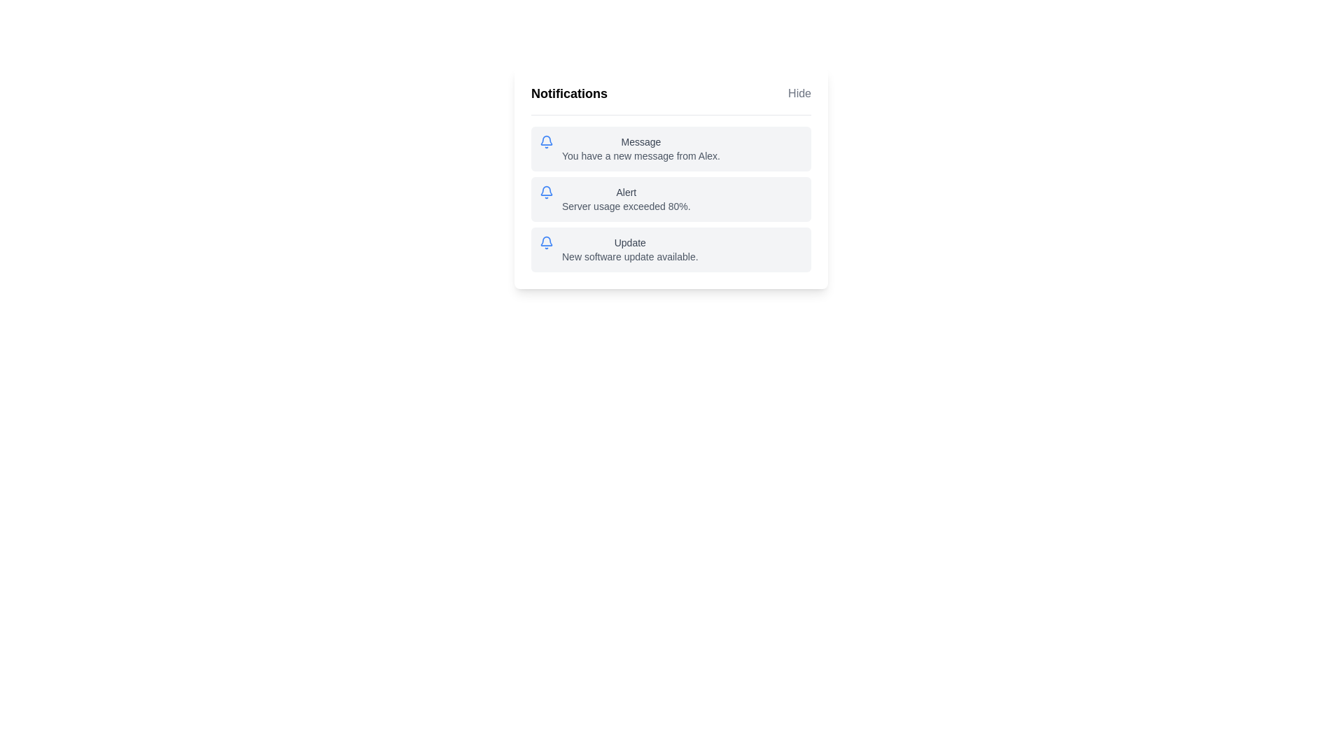 The image size is (1344, 756). I want to click on the text element styled in medium-sized bold gray font displaying 'Alert' located in the second notification message of the 'Notifications' section, so click(625, 192).